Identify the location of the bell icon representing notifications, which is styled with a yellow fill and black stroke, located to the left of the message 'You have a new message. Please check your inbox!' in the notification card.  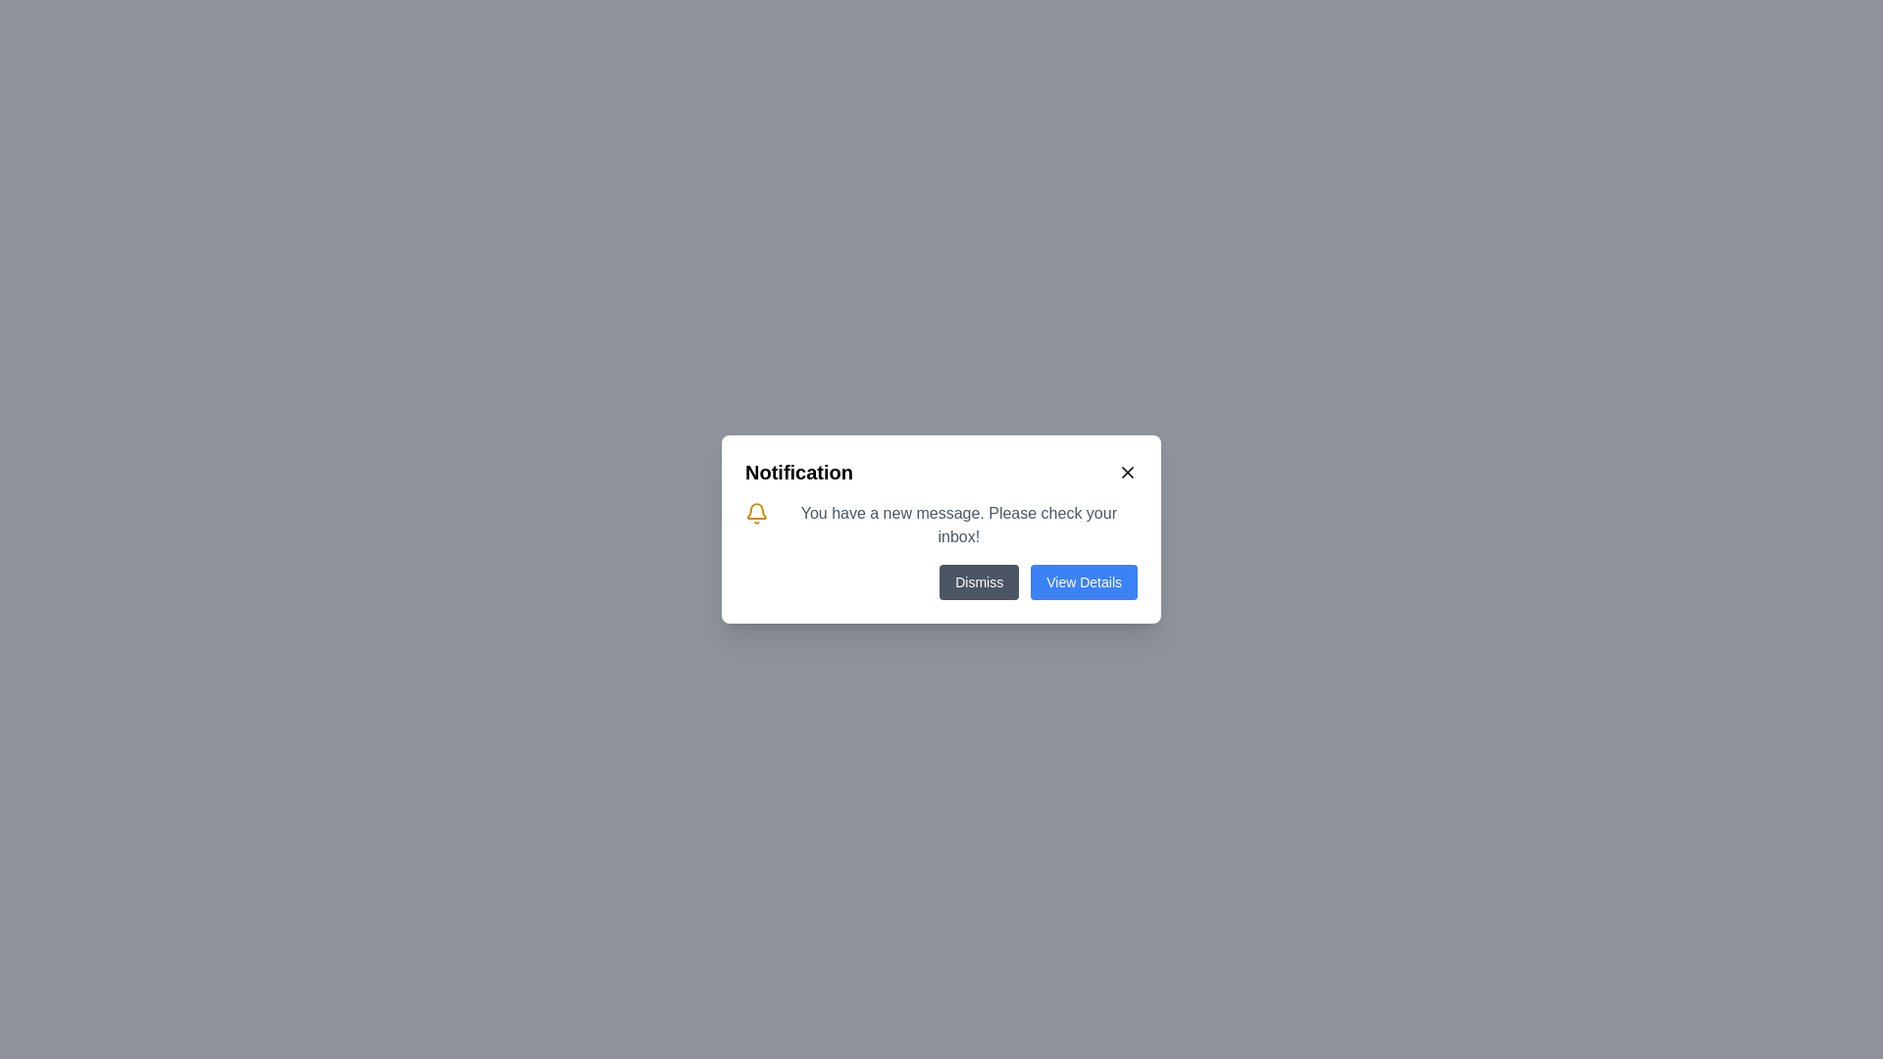
(755, 513).